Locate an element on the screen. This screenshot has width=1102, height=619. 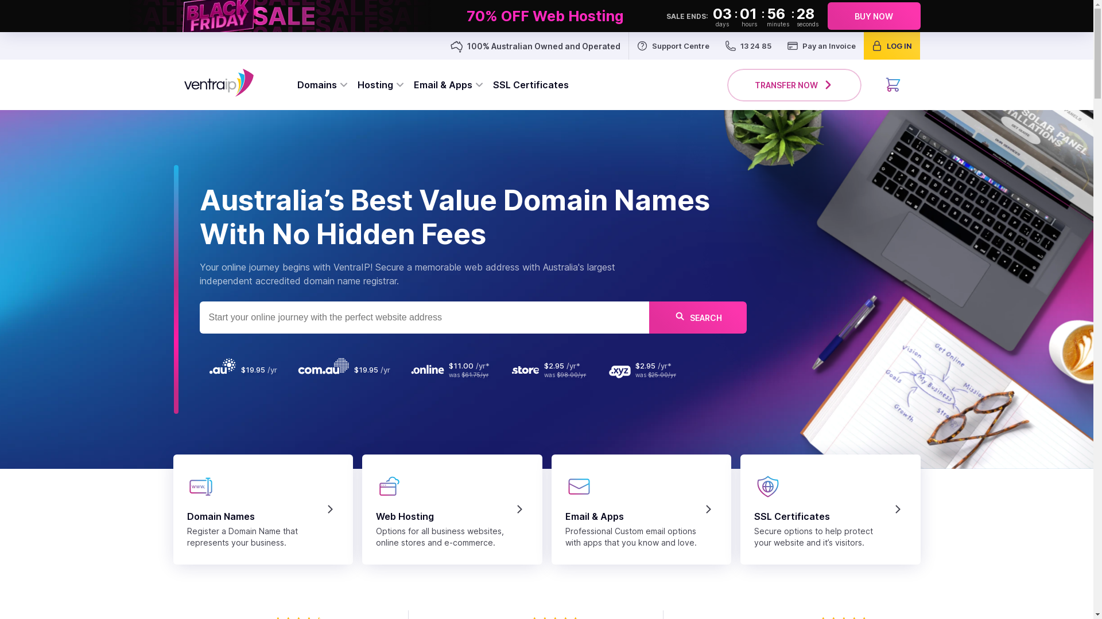
'was $98.00/yr is located at coordinates (551, 370).